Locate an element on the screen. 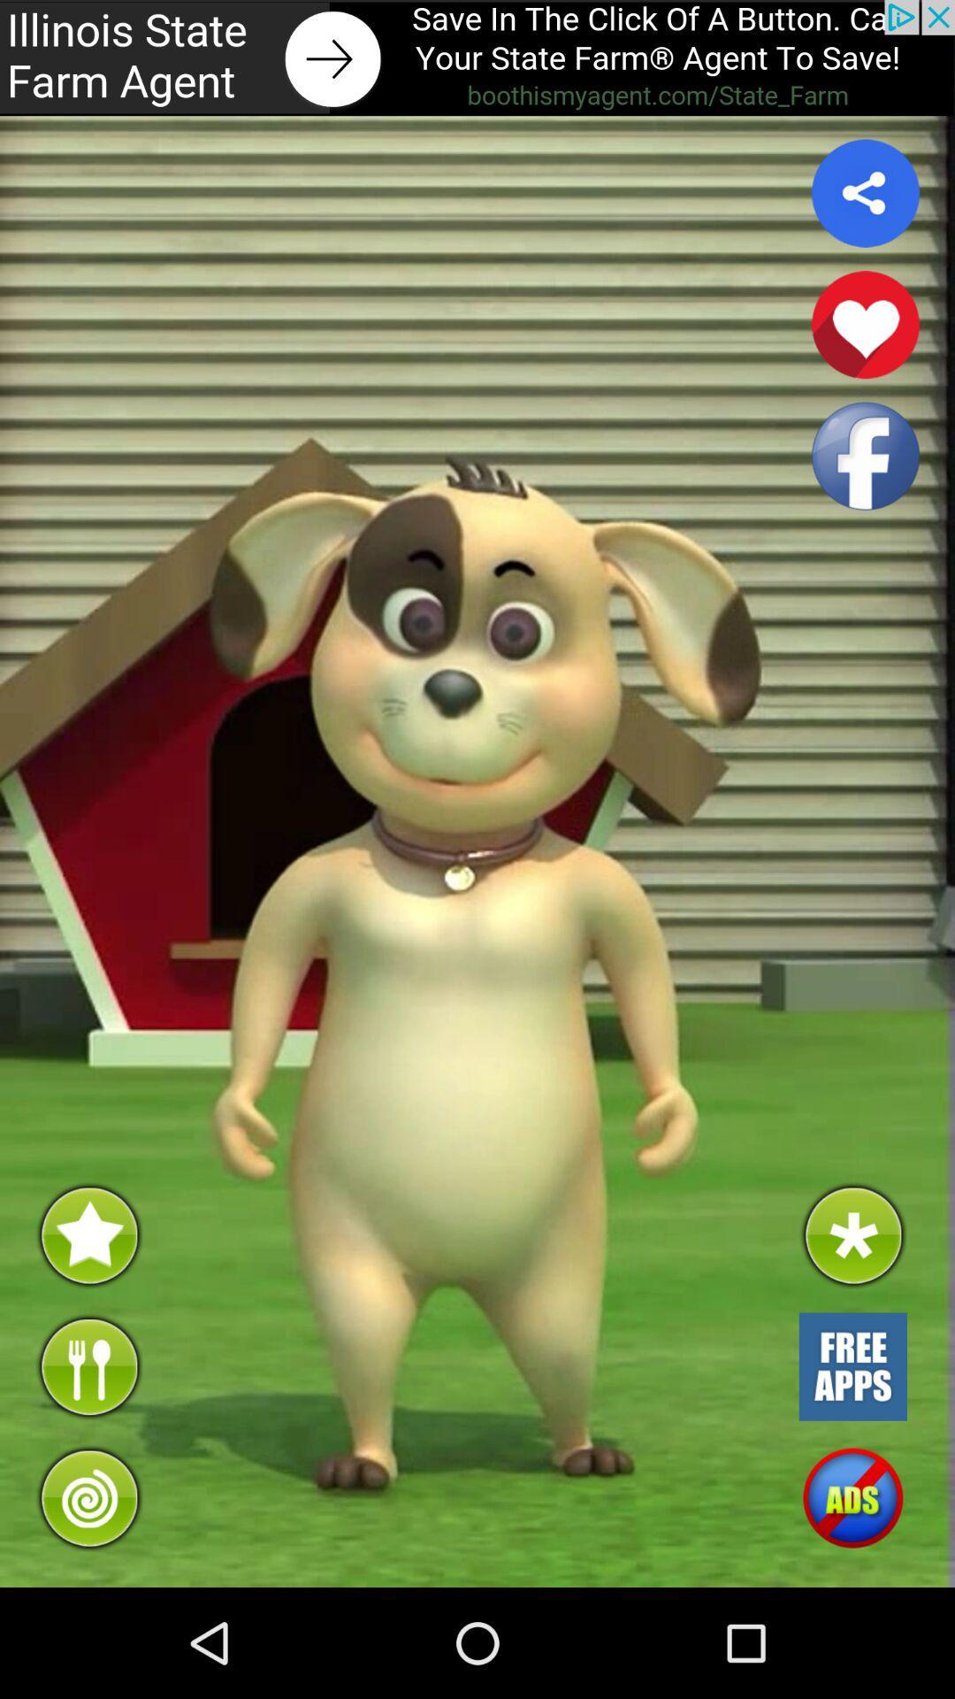  app store is located at coordinates (852, 1365).